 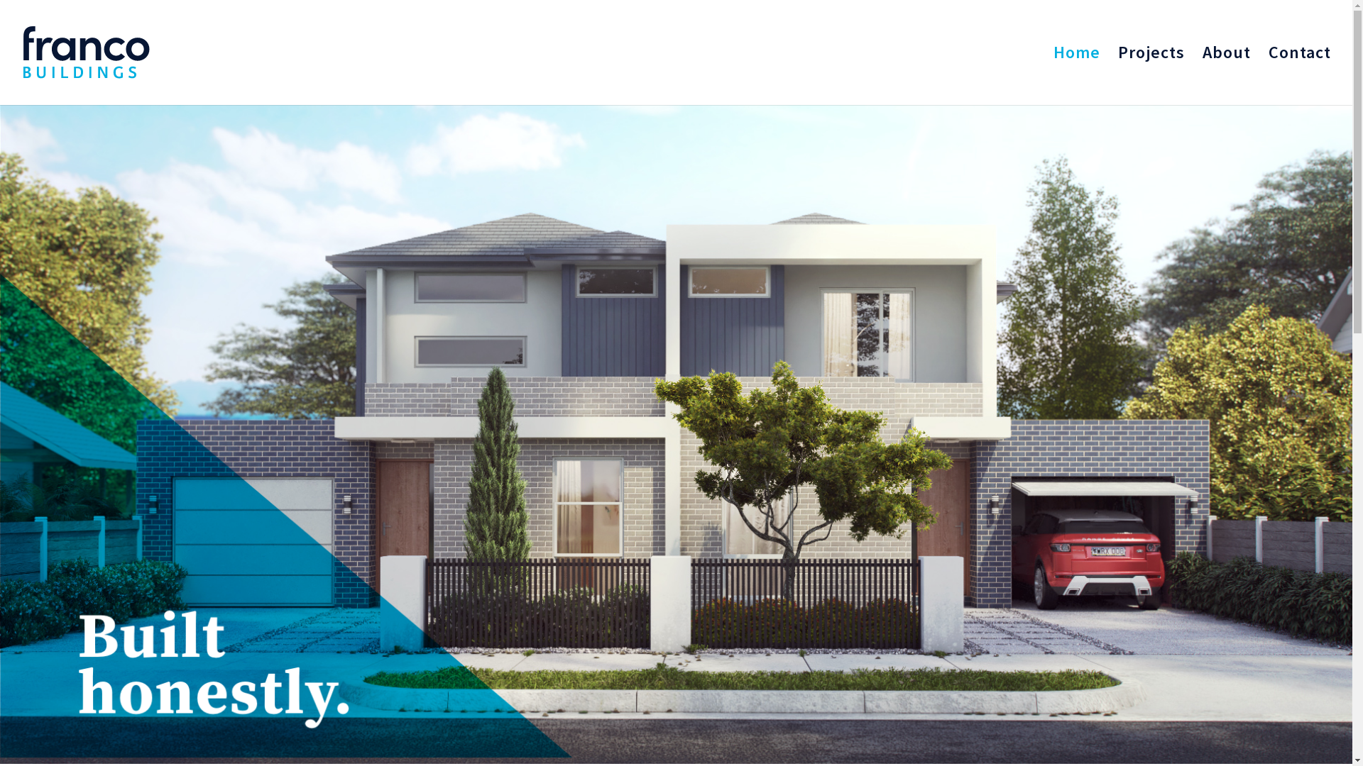 What do you see at coordinates (1299, 76) in the screenshot?
I see `'Contact'` at bounding box center [1299, 76].